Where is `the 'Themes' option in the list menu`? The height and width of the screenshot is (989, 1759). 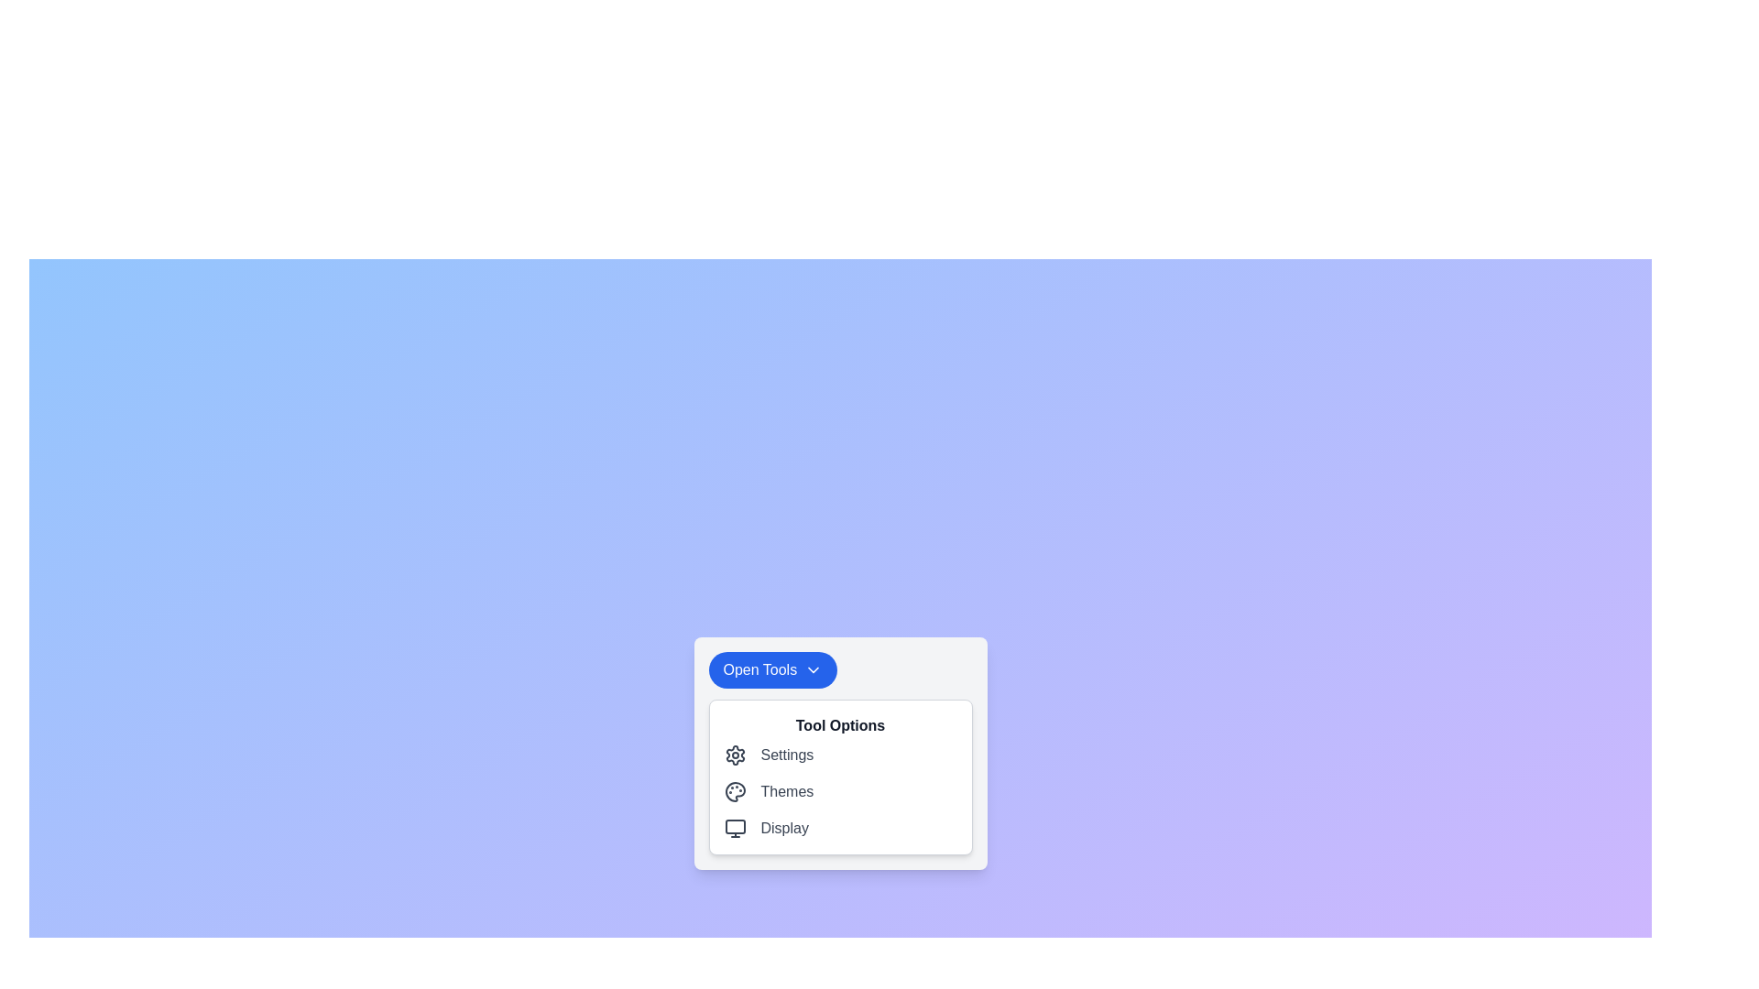 the 'Themes' option in the list menu is located at coordinates (839, 790).